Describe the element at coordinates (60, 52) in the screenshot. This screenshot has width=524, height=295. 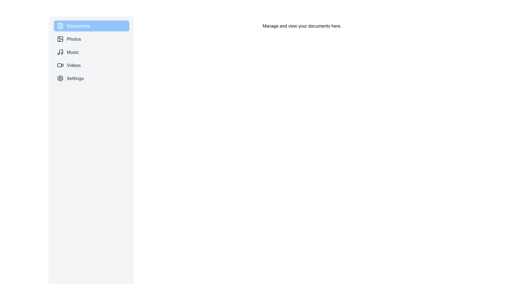
I see `the 'Music' icon located near the center of the left-hand navigation panel` at that location.